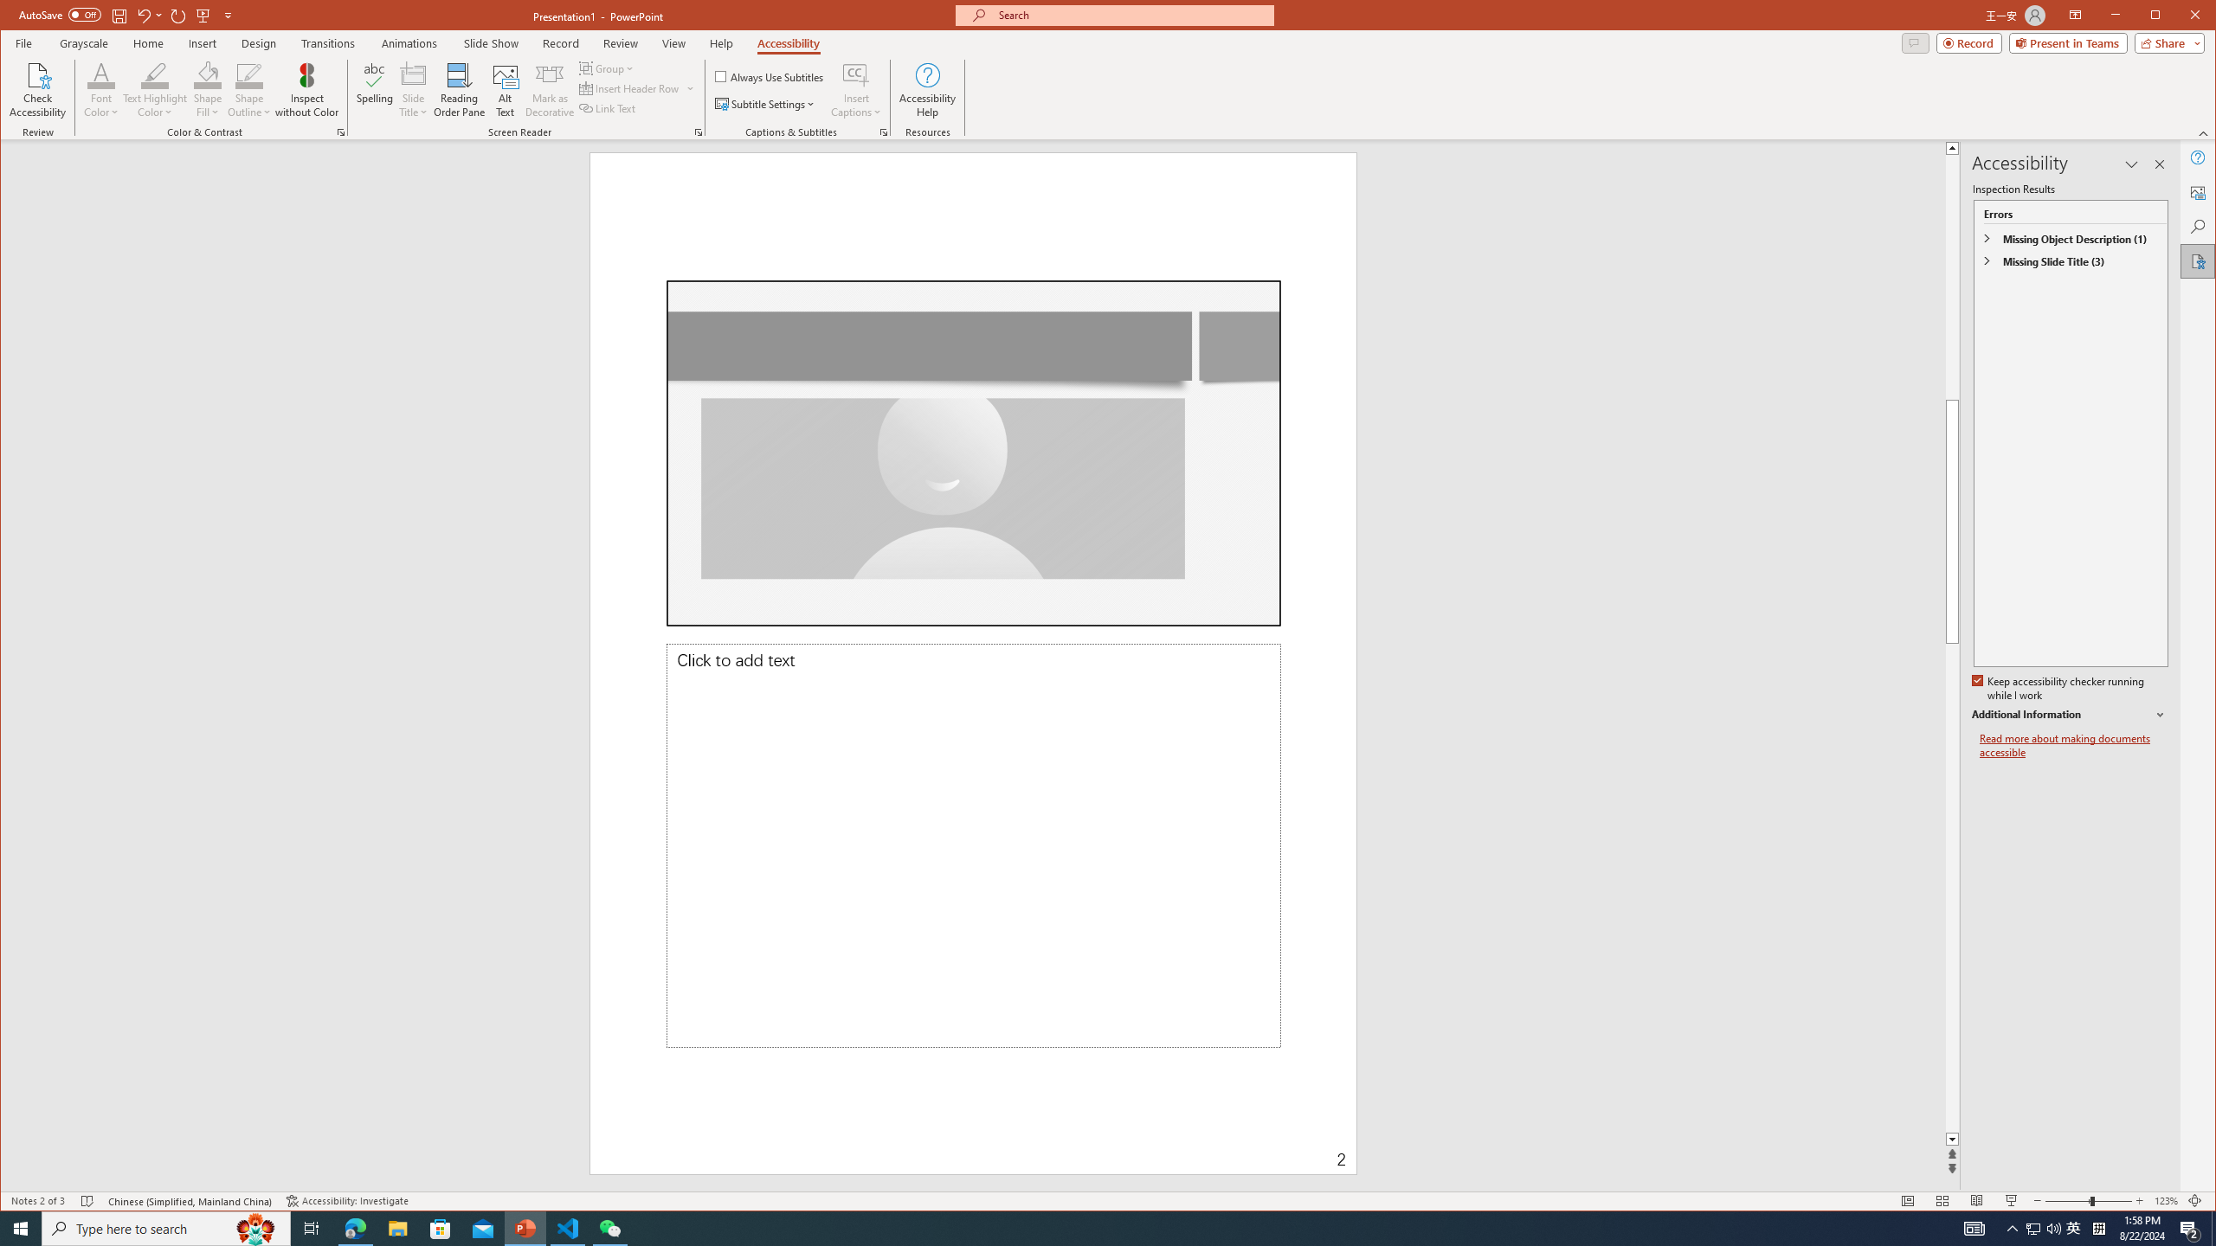  What do you see at coordinates (636, 88) in the screenshot?
I see `'Insert Header Row'` at bounding box center [636, 88].